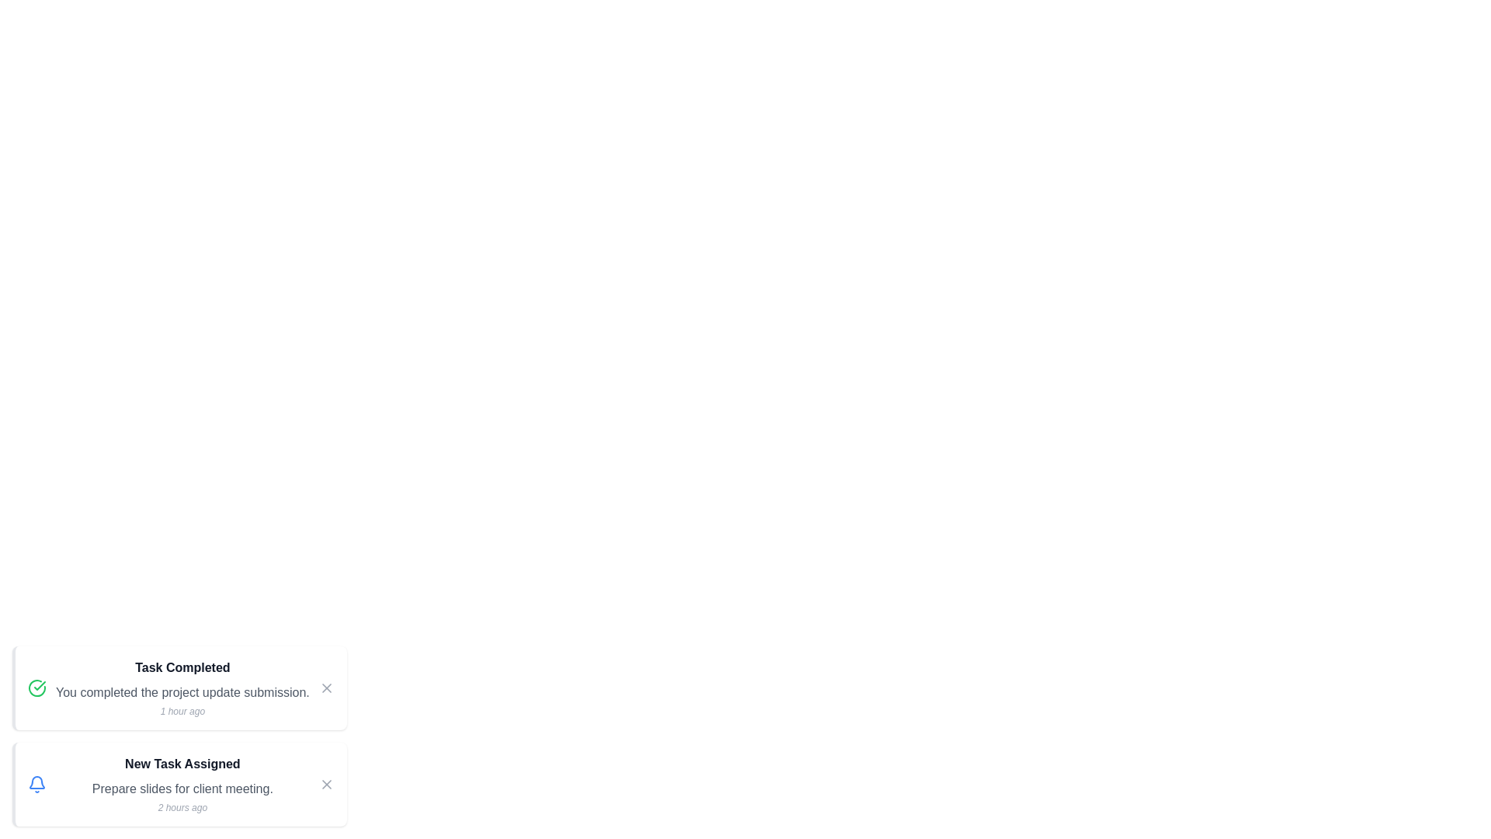 This screenshot has height=839, width=1491. Describe the element at coordinates (325, 785) in the screenshot. I see `close button of the task with title 'New Task Assigned'` at that location.